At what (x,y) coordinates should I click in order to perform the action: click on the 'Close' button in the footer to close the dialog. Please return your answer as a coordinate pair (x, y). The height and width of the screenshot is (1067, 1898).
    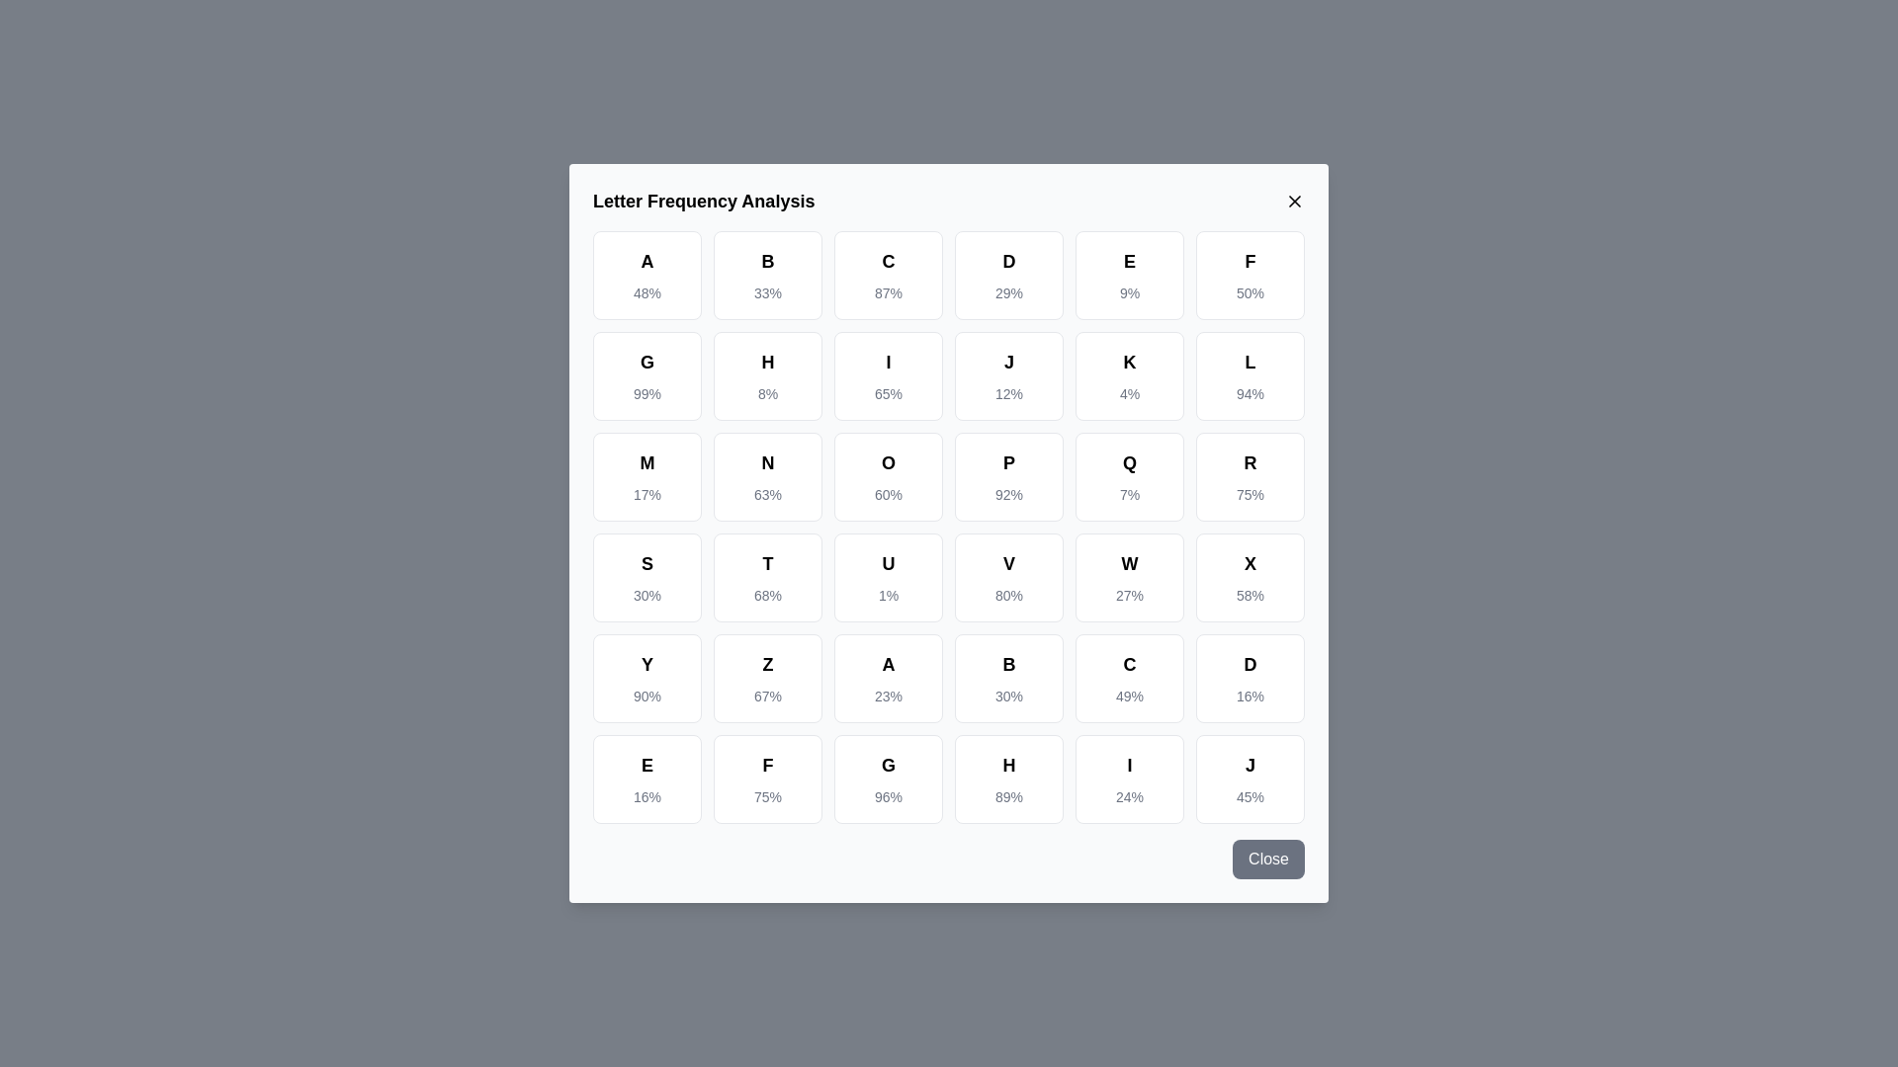
    Looking at the image, I should click on (1267, 859).